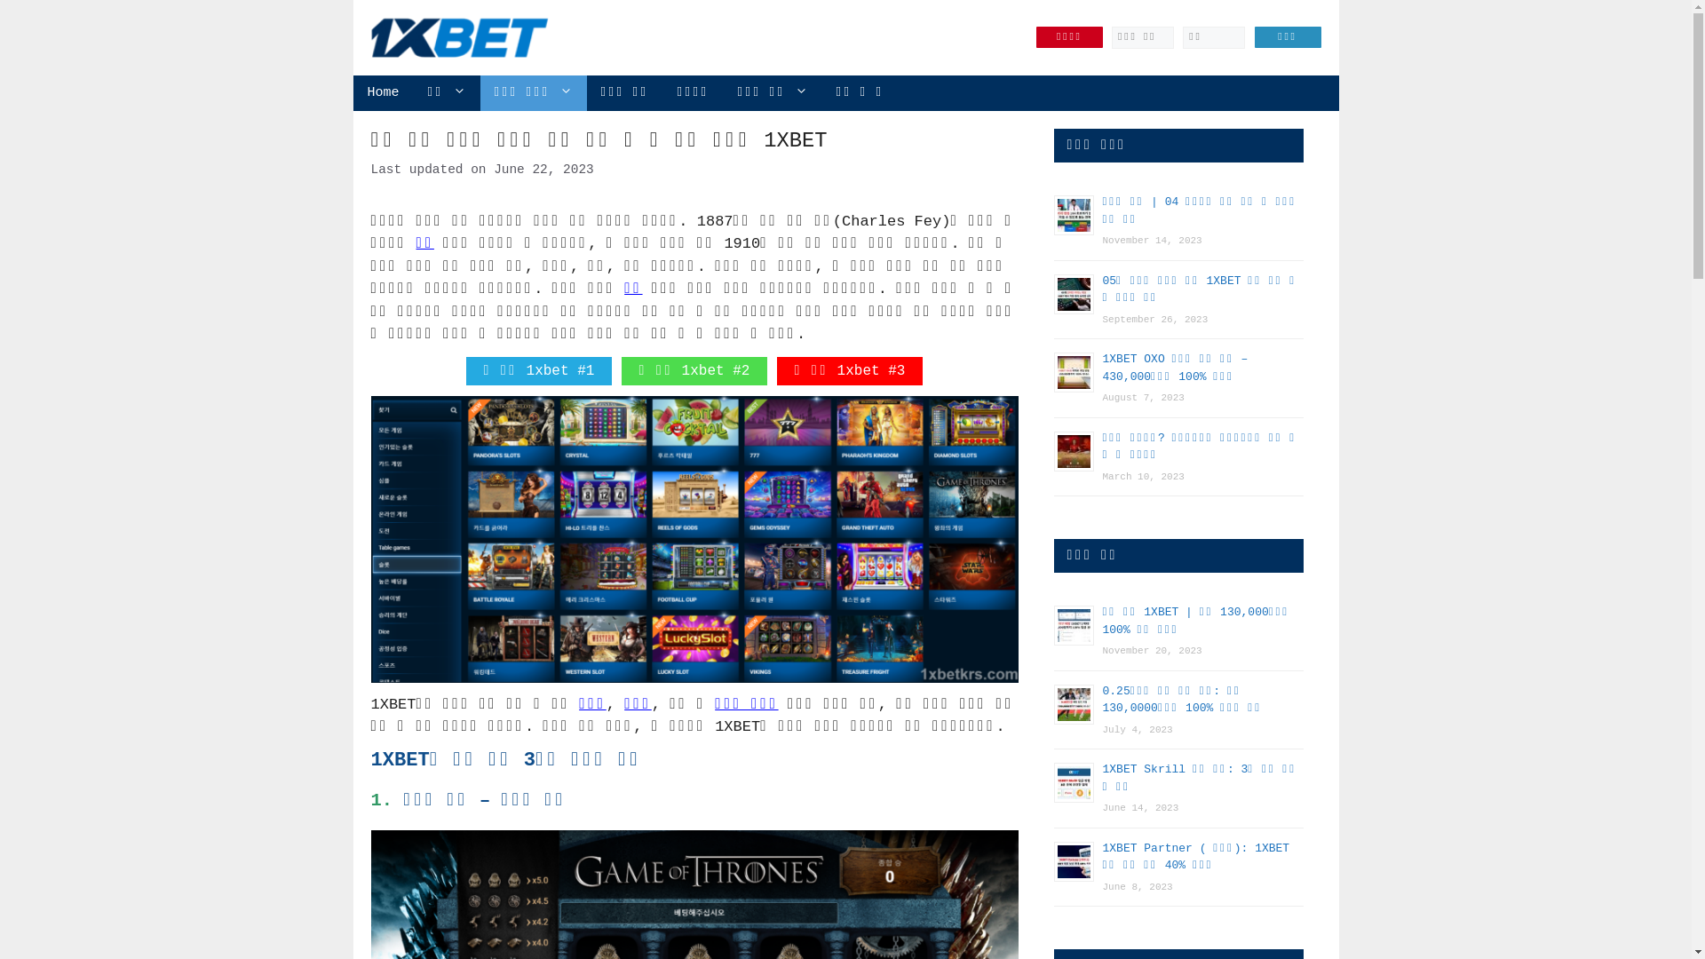 The image size is (1705, 959). I want to click on 'Home', so click(383, 92).